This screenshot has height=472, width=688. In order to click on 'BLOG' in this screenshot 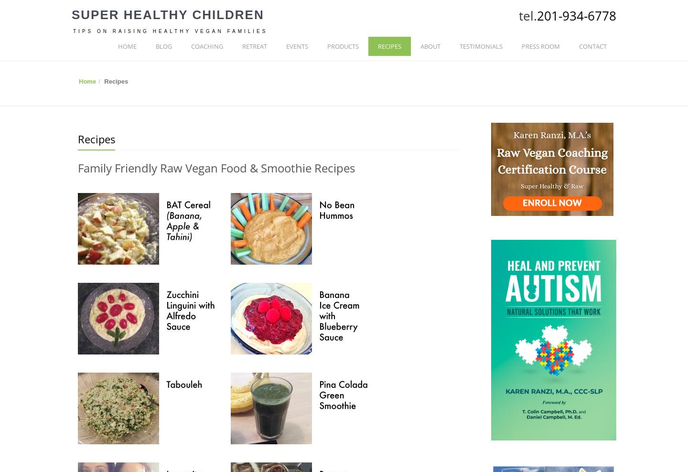, I will do `click(164, 46)`.